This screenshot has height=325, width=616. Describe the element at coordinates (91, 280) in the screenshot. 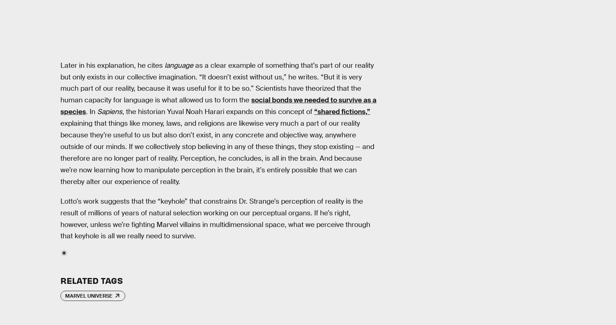

I see `'Related Tags'` at that location.